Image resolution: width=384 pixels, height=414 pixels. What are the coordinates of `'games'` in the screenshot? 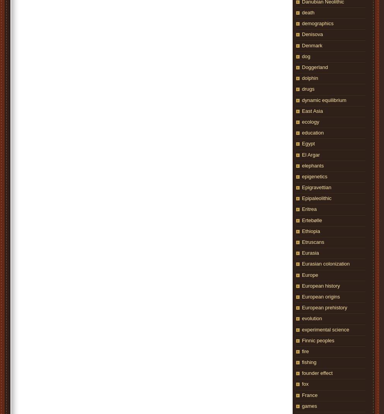 It's located at (309, 405).